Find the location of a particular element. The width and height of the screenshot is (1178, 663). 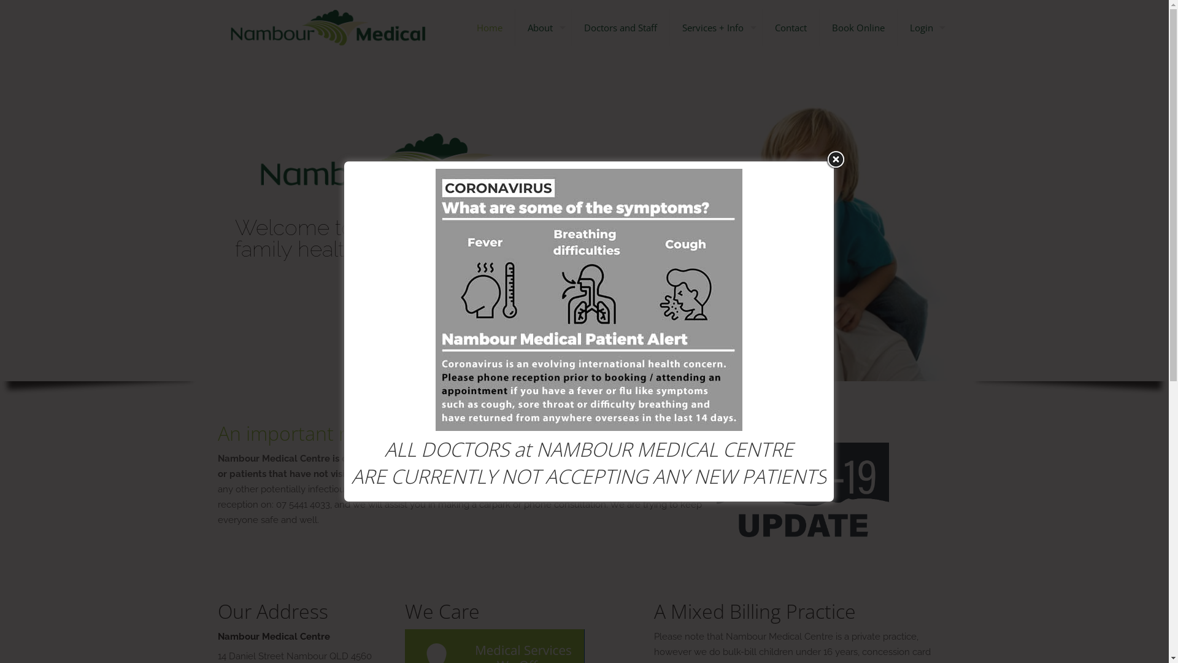

'Doctors and Staff' is located at coordinates (571, 28).